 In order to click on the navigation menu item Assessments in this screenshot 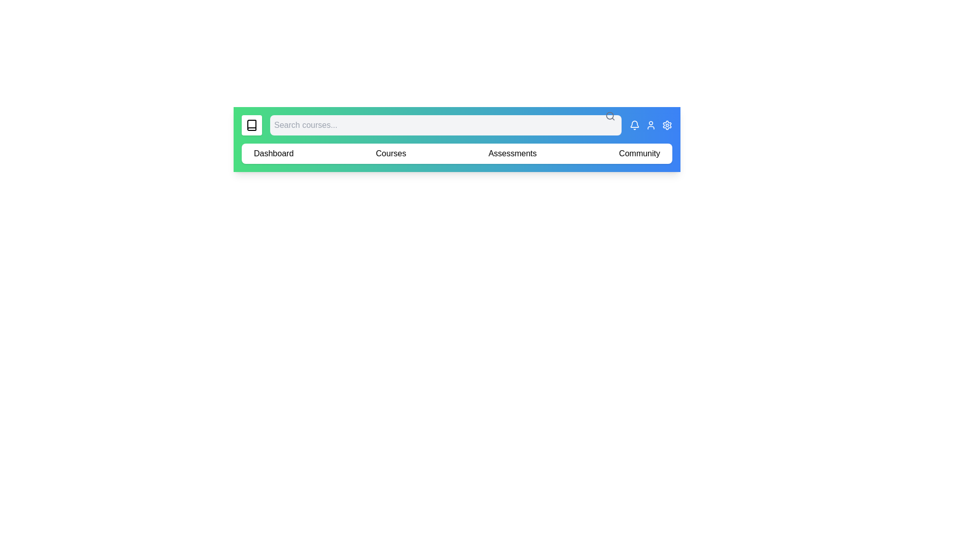, I will do `click(512, 154)`.